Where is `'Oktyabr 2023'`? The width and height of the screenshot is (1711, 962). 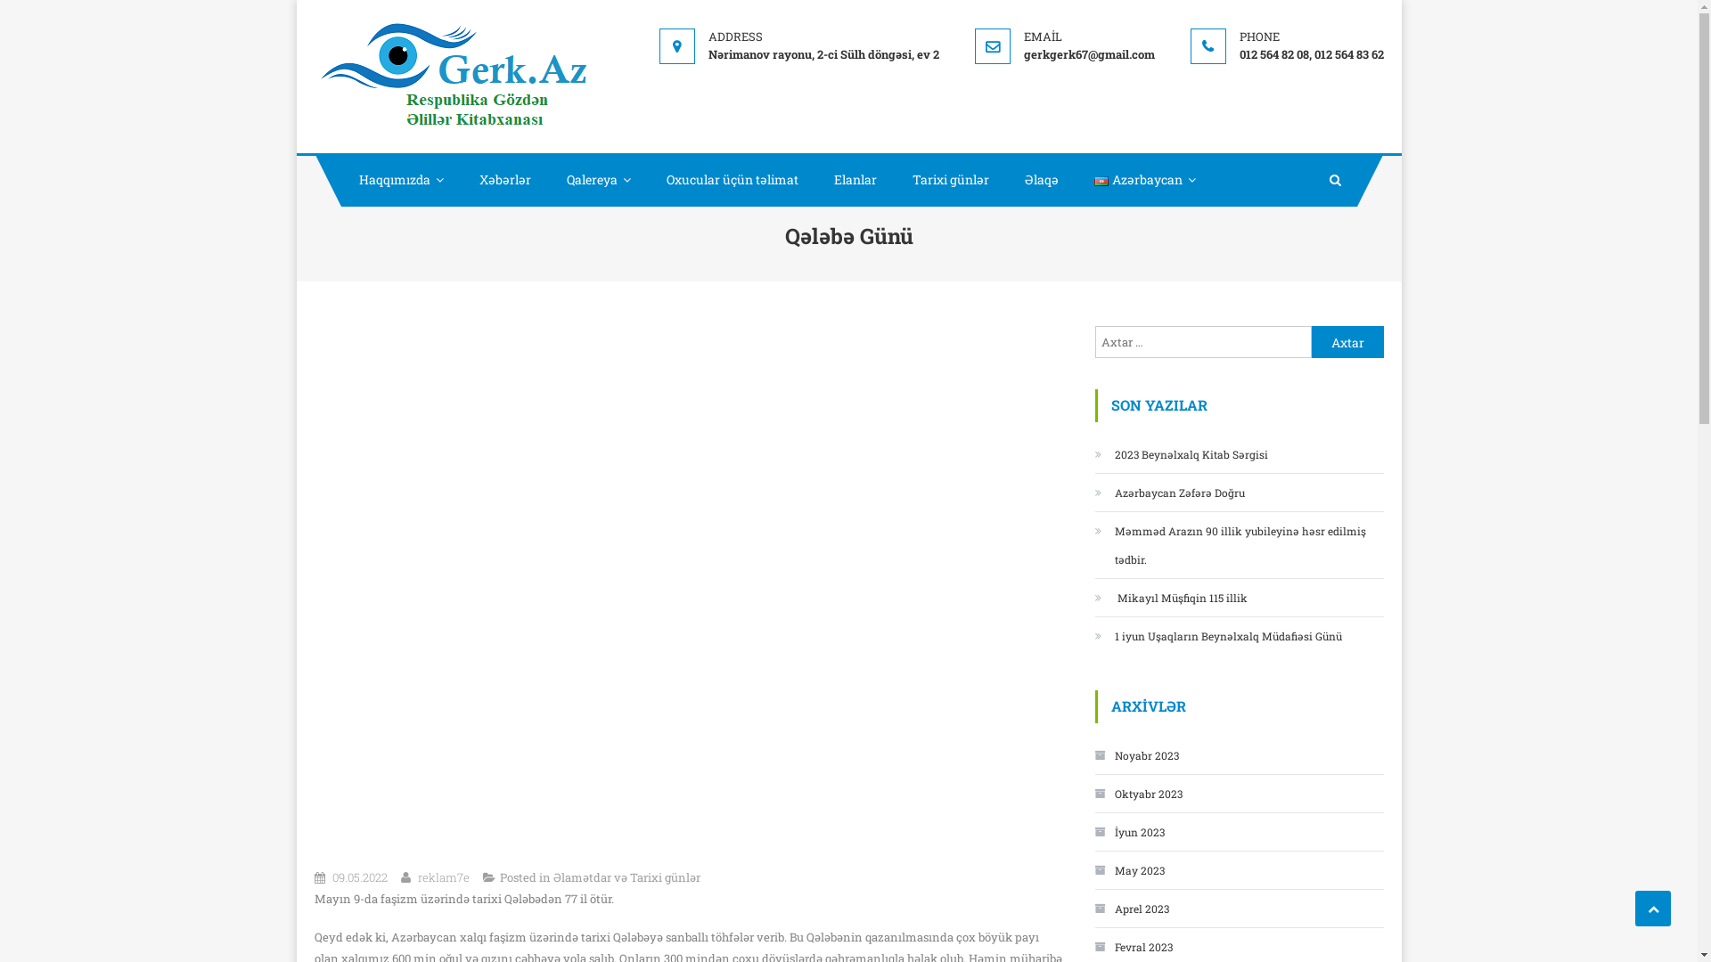 'Oktyabr 2023' is located at coordinates (1136, 793).